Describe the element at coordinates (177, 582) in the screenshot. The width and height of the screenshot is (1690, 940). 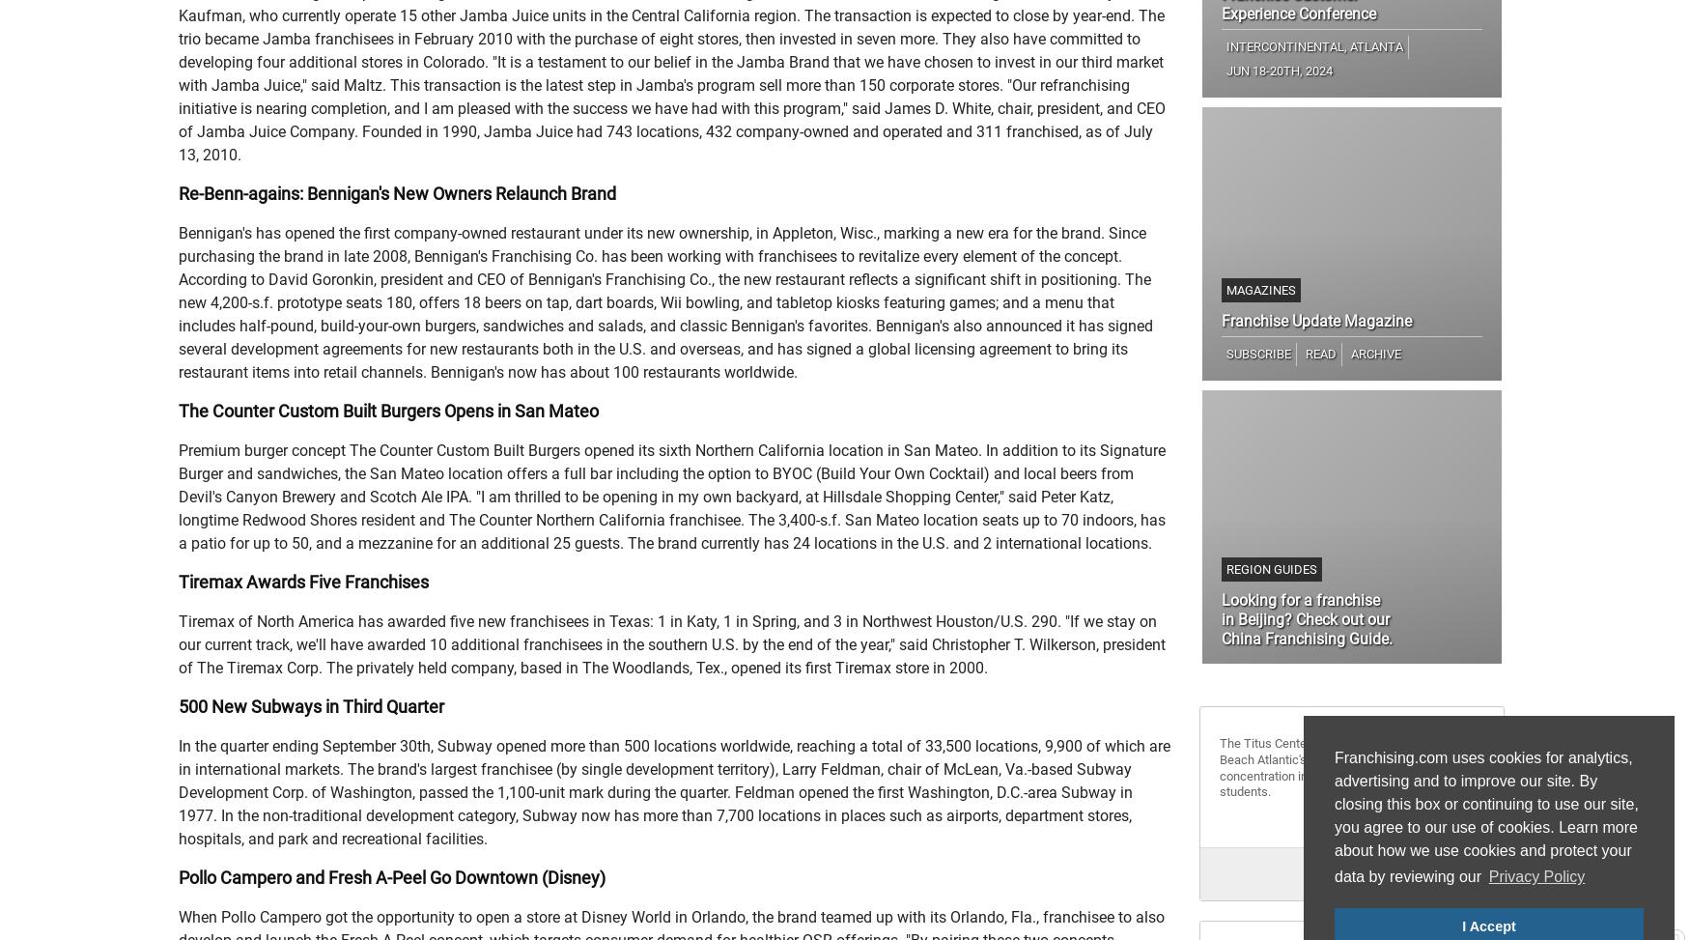
I see `'Tiremax Awards Five Franchises'` at that location.